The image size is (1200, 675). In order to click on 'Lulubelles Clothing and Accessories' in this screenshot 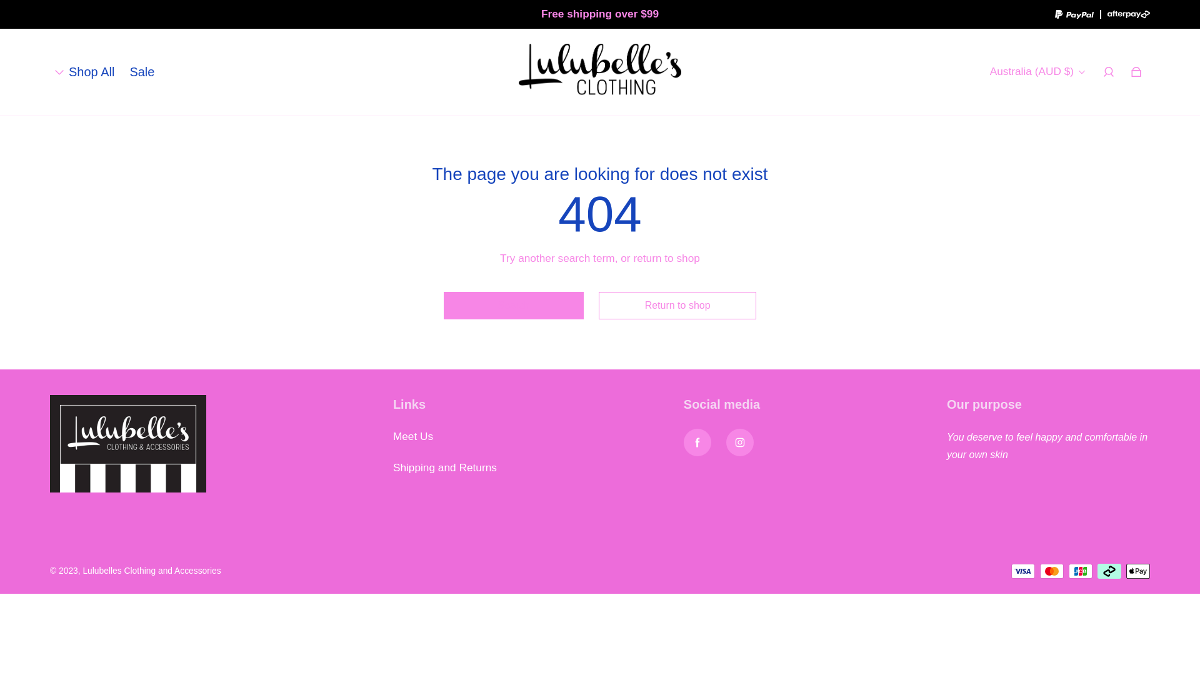, I will do `click(151, 571)`.